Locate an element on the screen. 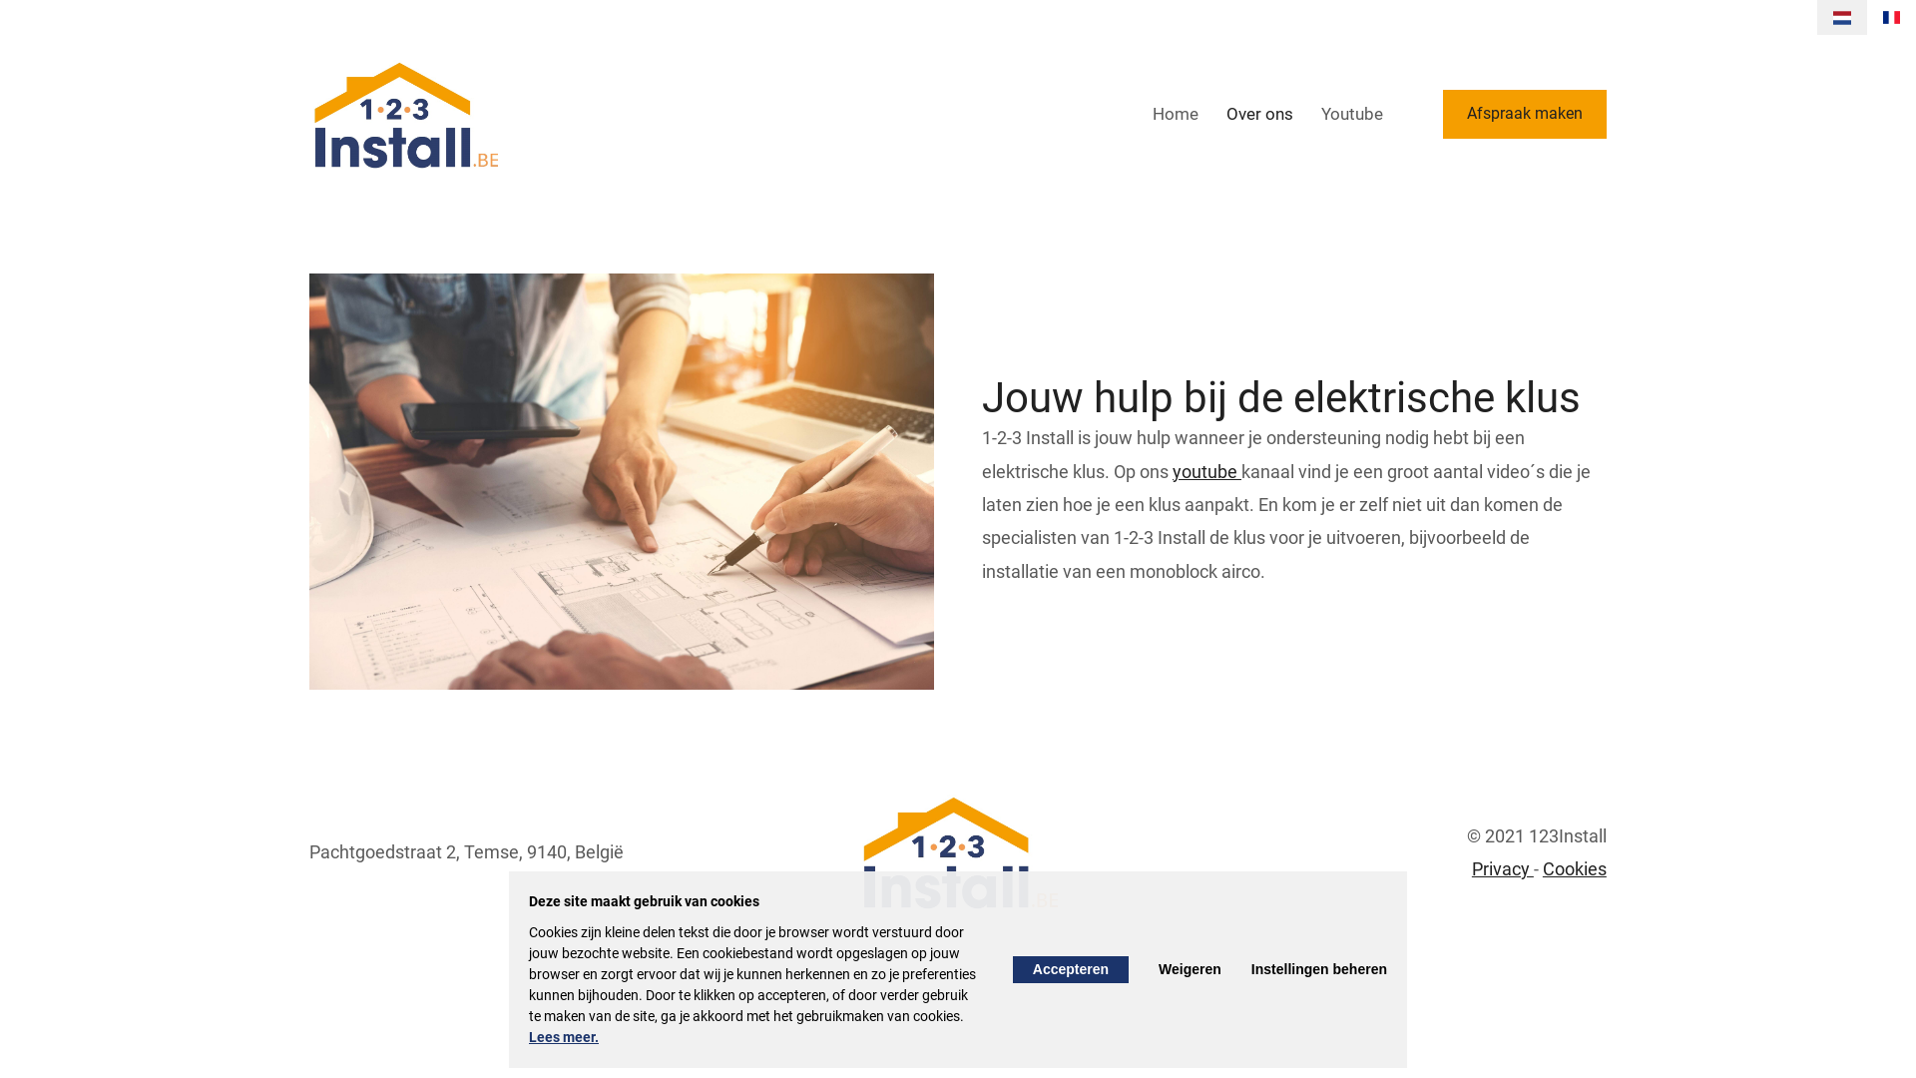 This screenshot has height=1078, width=1916. 'Home' is located at coordinates (1175, 114).